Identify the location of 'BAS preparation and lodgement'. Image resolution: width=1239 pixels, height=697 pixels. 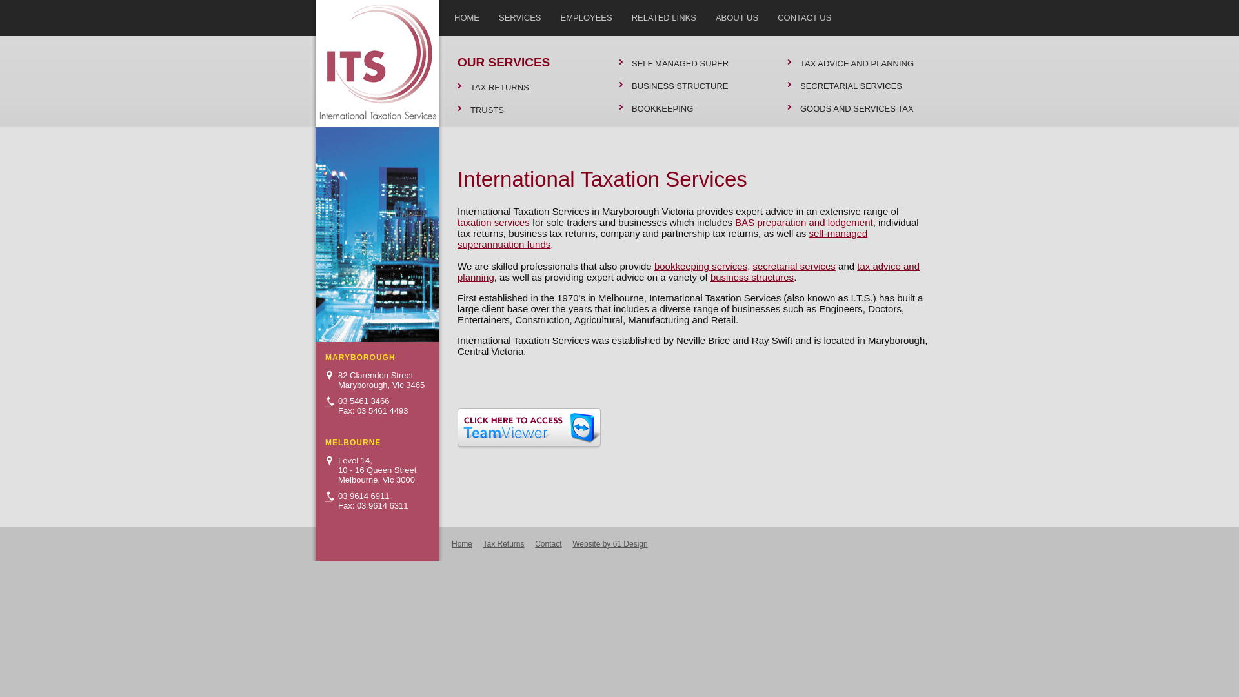
(803, 221).